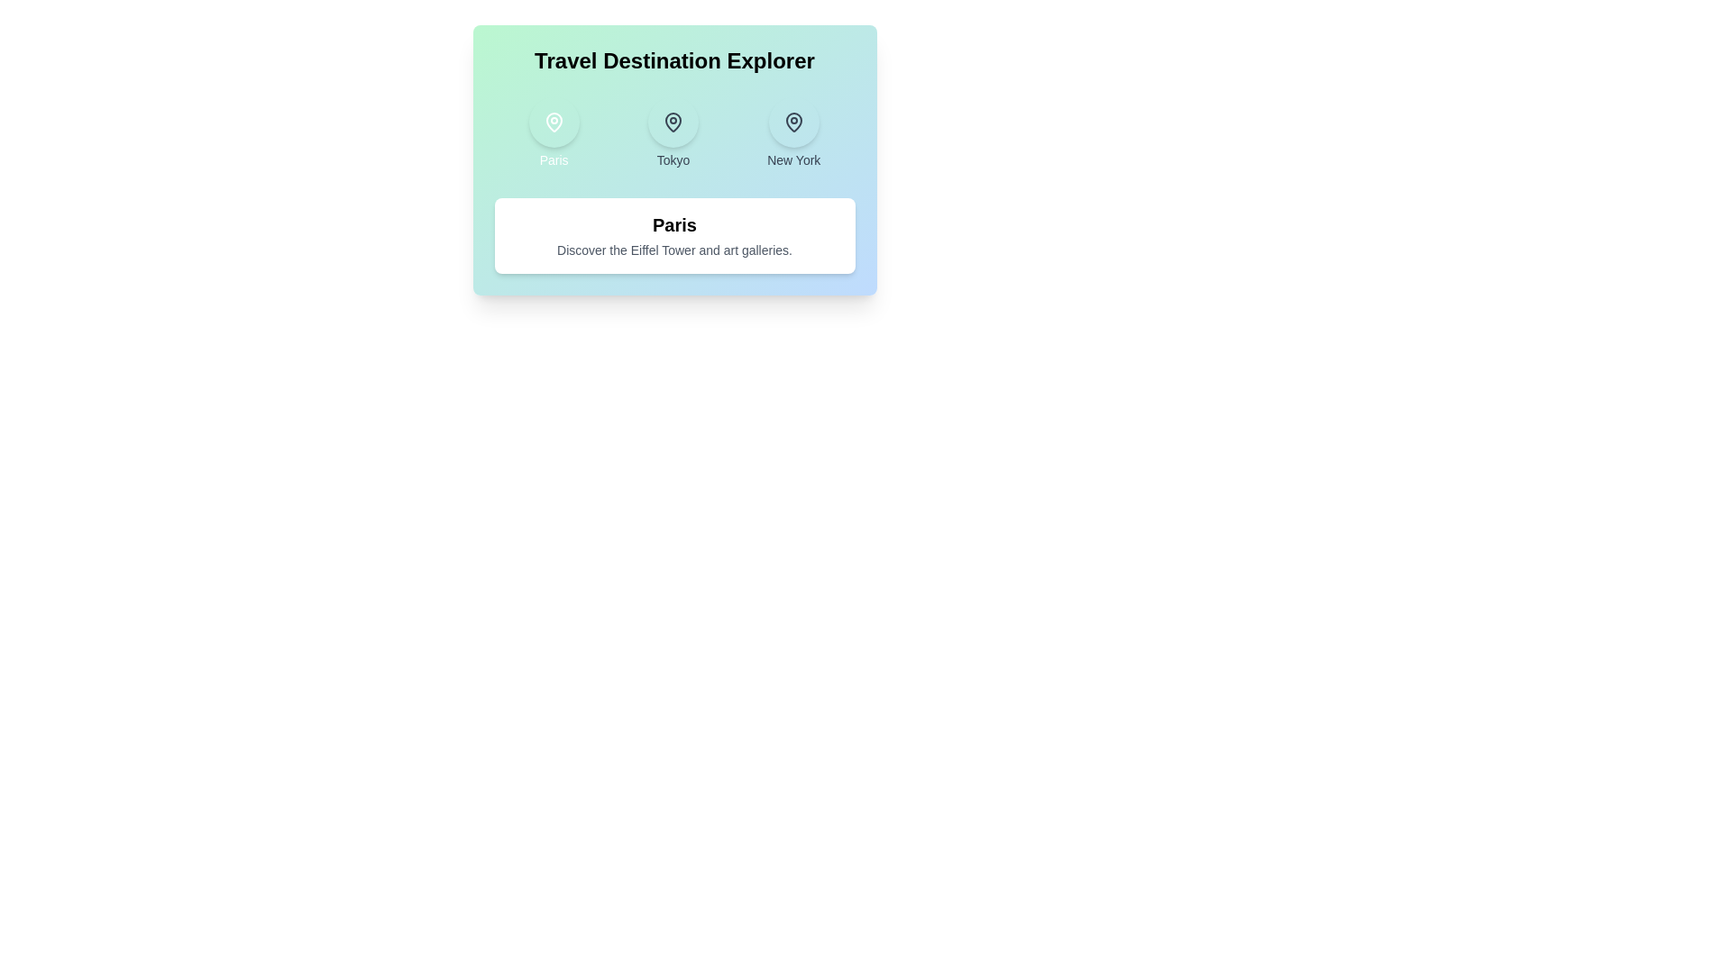 The width and height of the screenshot is (1731, 973). Describe the element at coordinates (793, 159) in the screenshot. I see `the text label displaying 'New York', which is part of a clickable button styled in dark gray within a rounded rectangular area, located at the bottom of a vertically stacked group of destination options` at that location.